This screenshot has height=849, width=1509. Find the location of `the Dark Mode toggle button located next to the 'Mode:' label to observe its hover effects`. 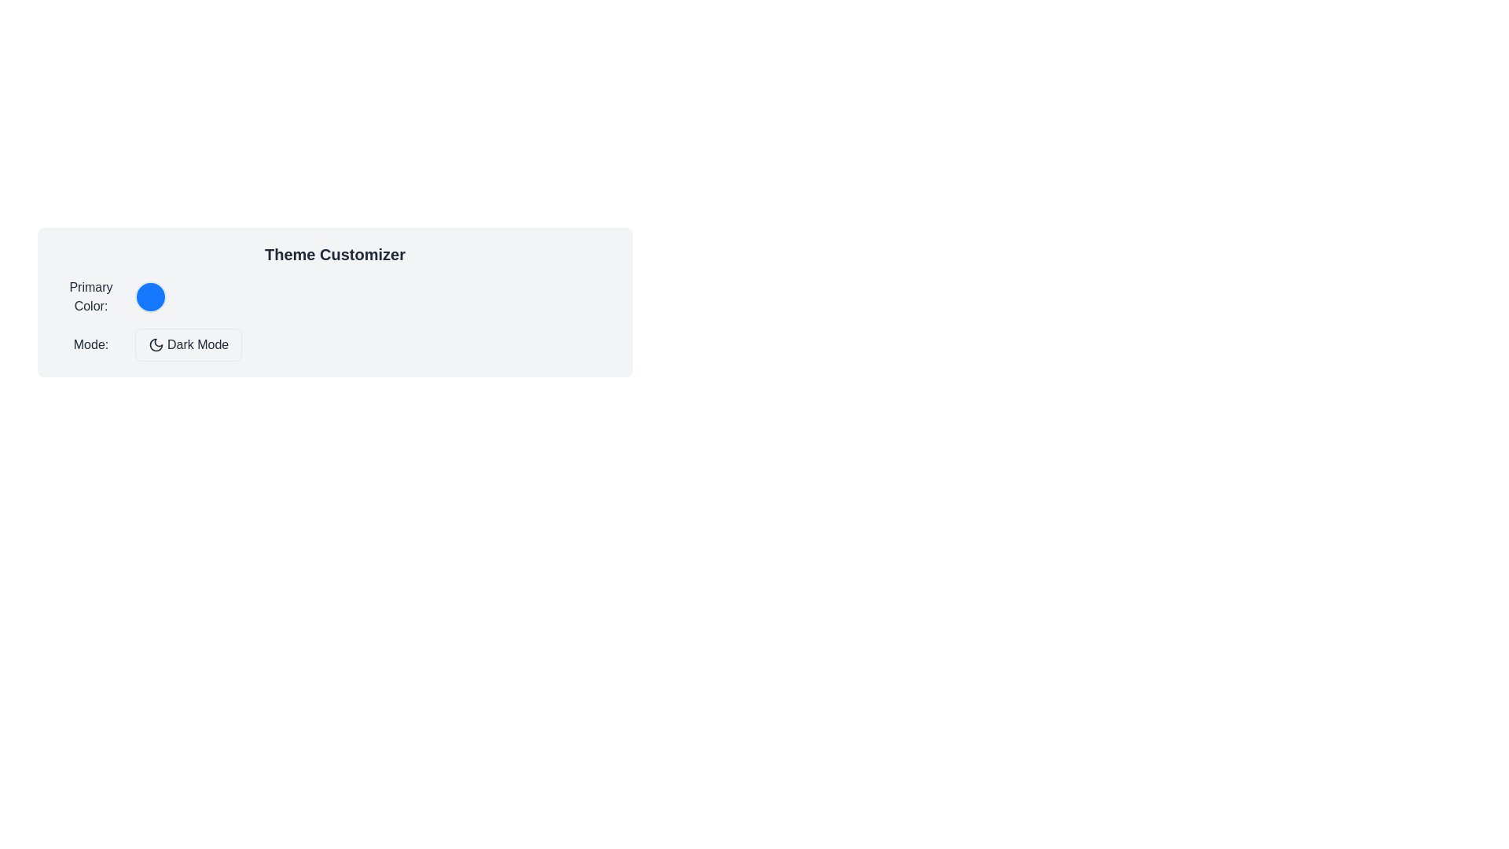

the Dark Mode toggle button located next to the 'Mode:' label to observe its hover effects is located at coordinates (189, 344).